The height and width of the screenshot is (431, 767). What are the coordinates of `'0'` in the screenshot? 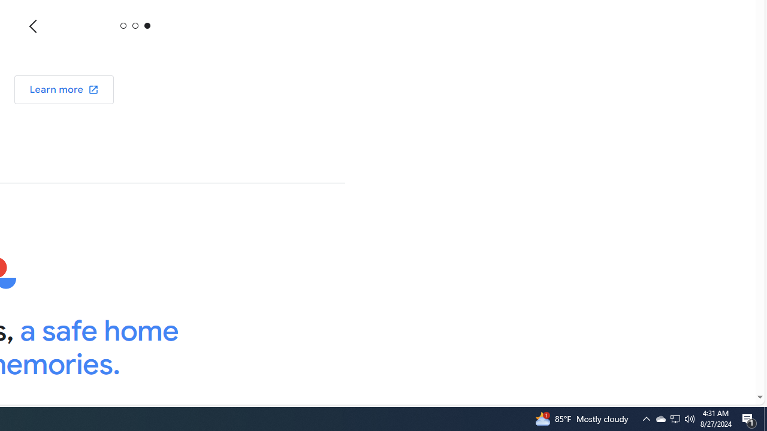 It's located at (123, 25).